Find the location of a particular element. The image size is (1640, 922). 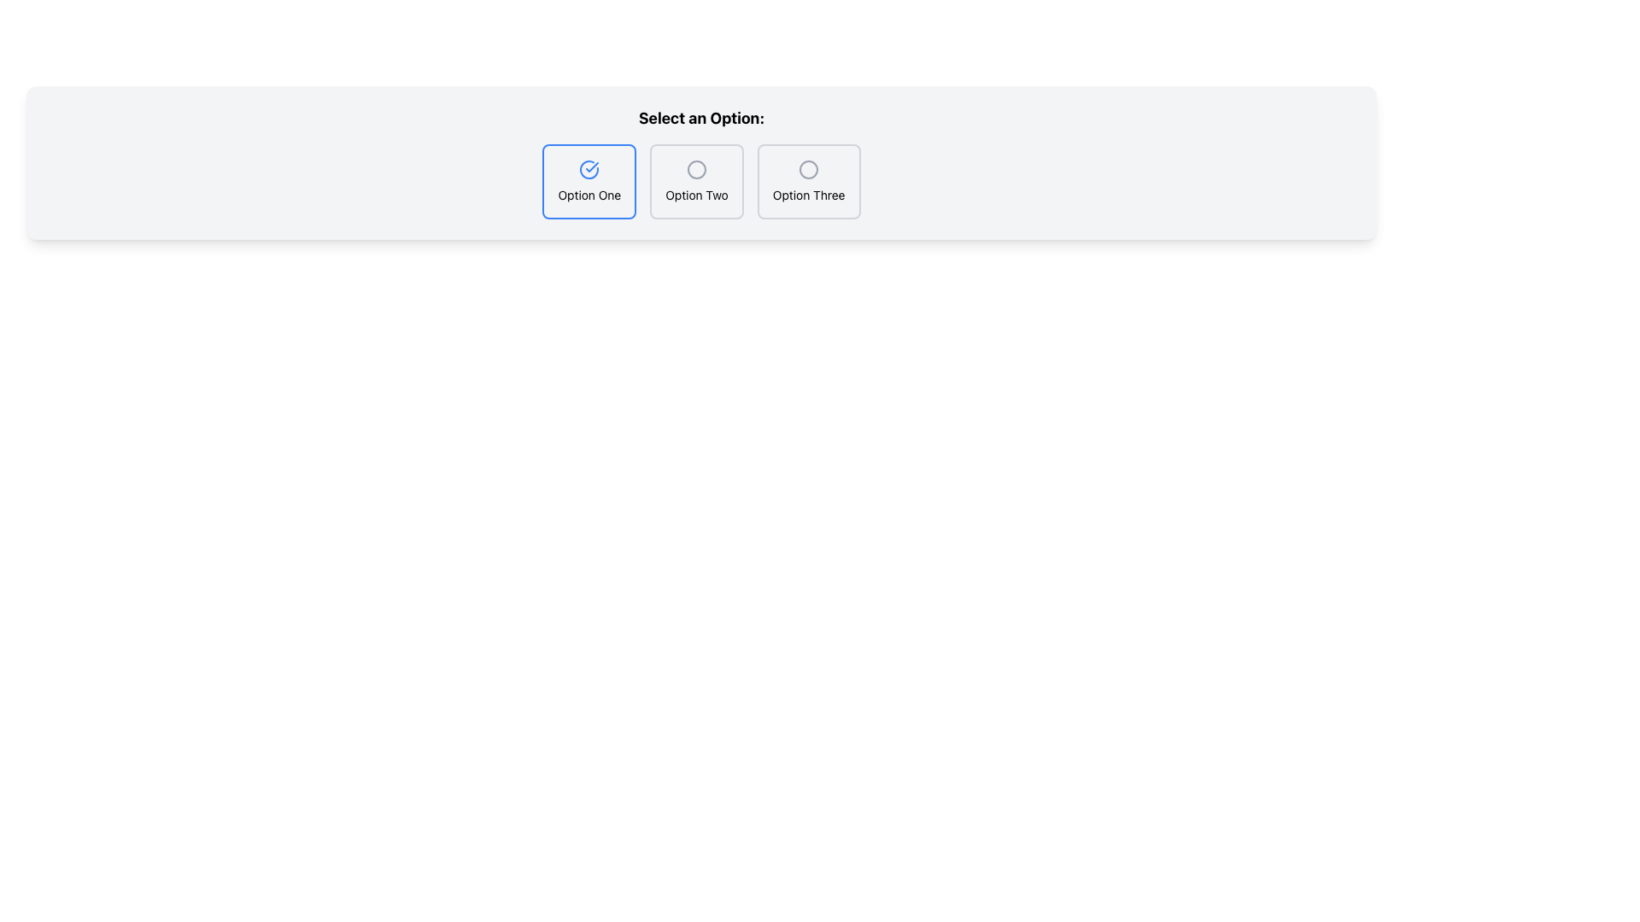

the 'Option Three' selectable option located on the far right below the title 'Select an Option:' is located at coordinates (808, 181).